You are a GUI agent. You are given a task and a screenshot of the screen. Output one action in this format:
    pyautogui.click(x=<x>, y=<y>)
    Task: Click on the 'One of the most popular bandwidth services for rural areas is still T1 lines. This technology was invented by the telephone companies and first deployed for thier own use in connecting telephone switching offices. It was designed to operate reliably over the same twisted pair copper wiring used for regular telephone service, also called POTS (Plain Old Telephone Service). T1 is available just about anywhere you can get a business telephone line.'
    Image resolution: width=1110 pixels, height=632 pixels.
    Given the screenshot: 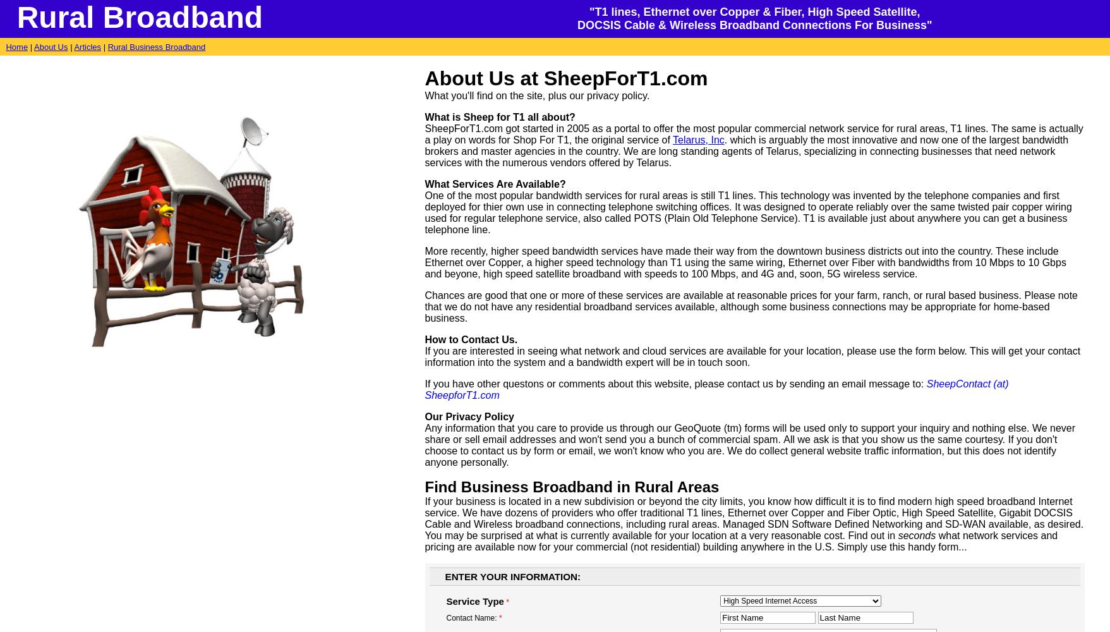 What is the action you would take?
    pyautogui.click(x=424, y=212)
    